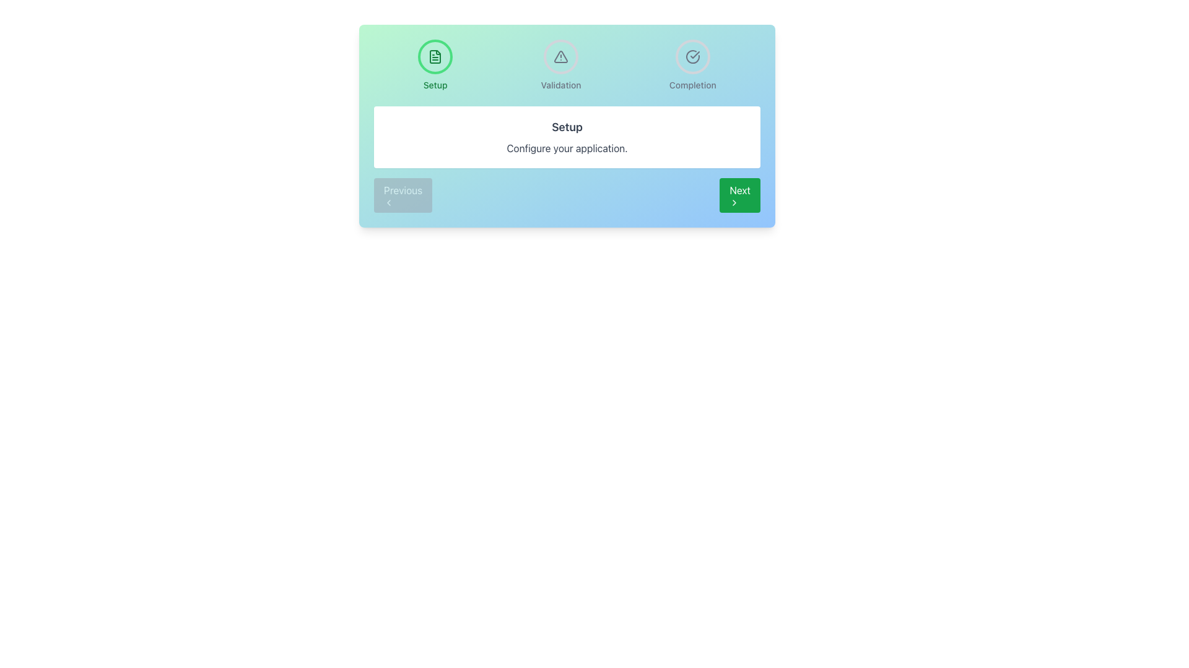 Image resolution: width=1189 pixels, height=668 pixels. I want to click on 'Completion' graphical component within the circular icon that indicates the final step in the process sequence, so click(692, 57).